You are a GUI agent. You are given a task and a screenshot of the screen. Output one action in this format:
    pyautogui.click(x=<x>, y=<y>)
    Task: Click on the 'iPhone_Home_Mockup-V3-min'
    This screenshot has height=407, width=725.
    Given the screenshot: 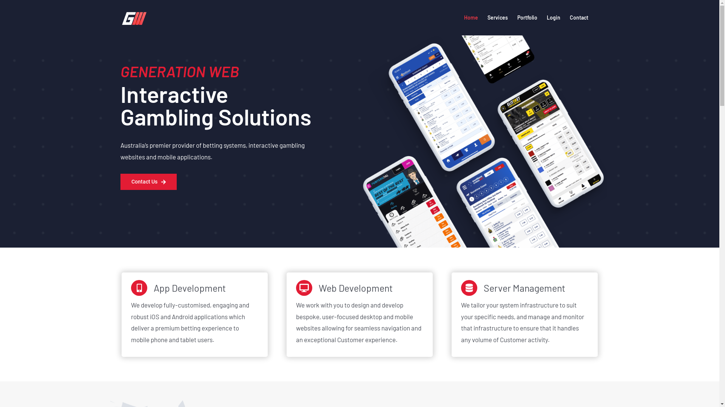 What is the action you would take?
    pyautogui.click(x=483, y=141)
    